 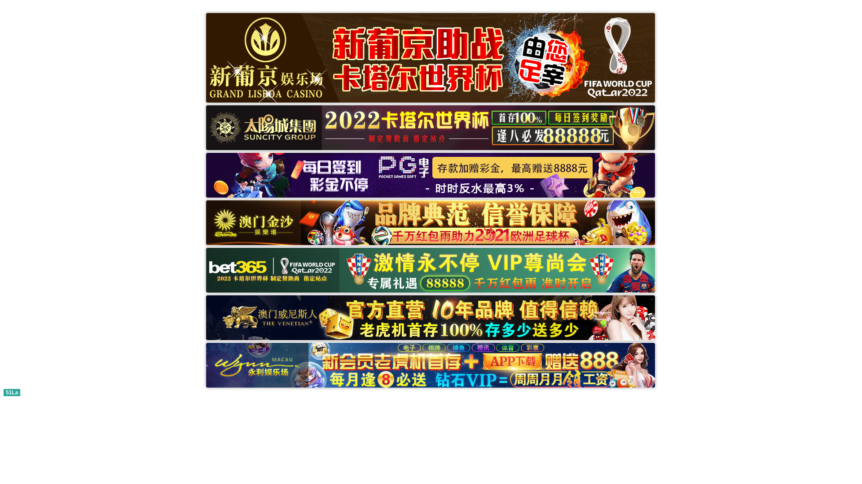 I want to click on '51La', so click(x=12, y=391).